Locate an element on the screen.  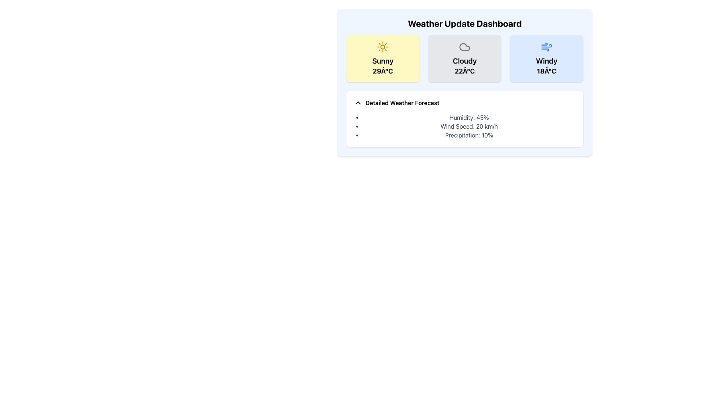
information displayed in the static text labeled 'Precipitation: 10%' located in the lower half of the weather dashboard under the 'Detailed Weather Forecast' section is located at coordinates (469, 135).